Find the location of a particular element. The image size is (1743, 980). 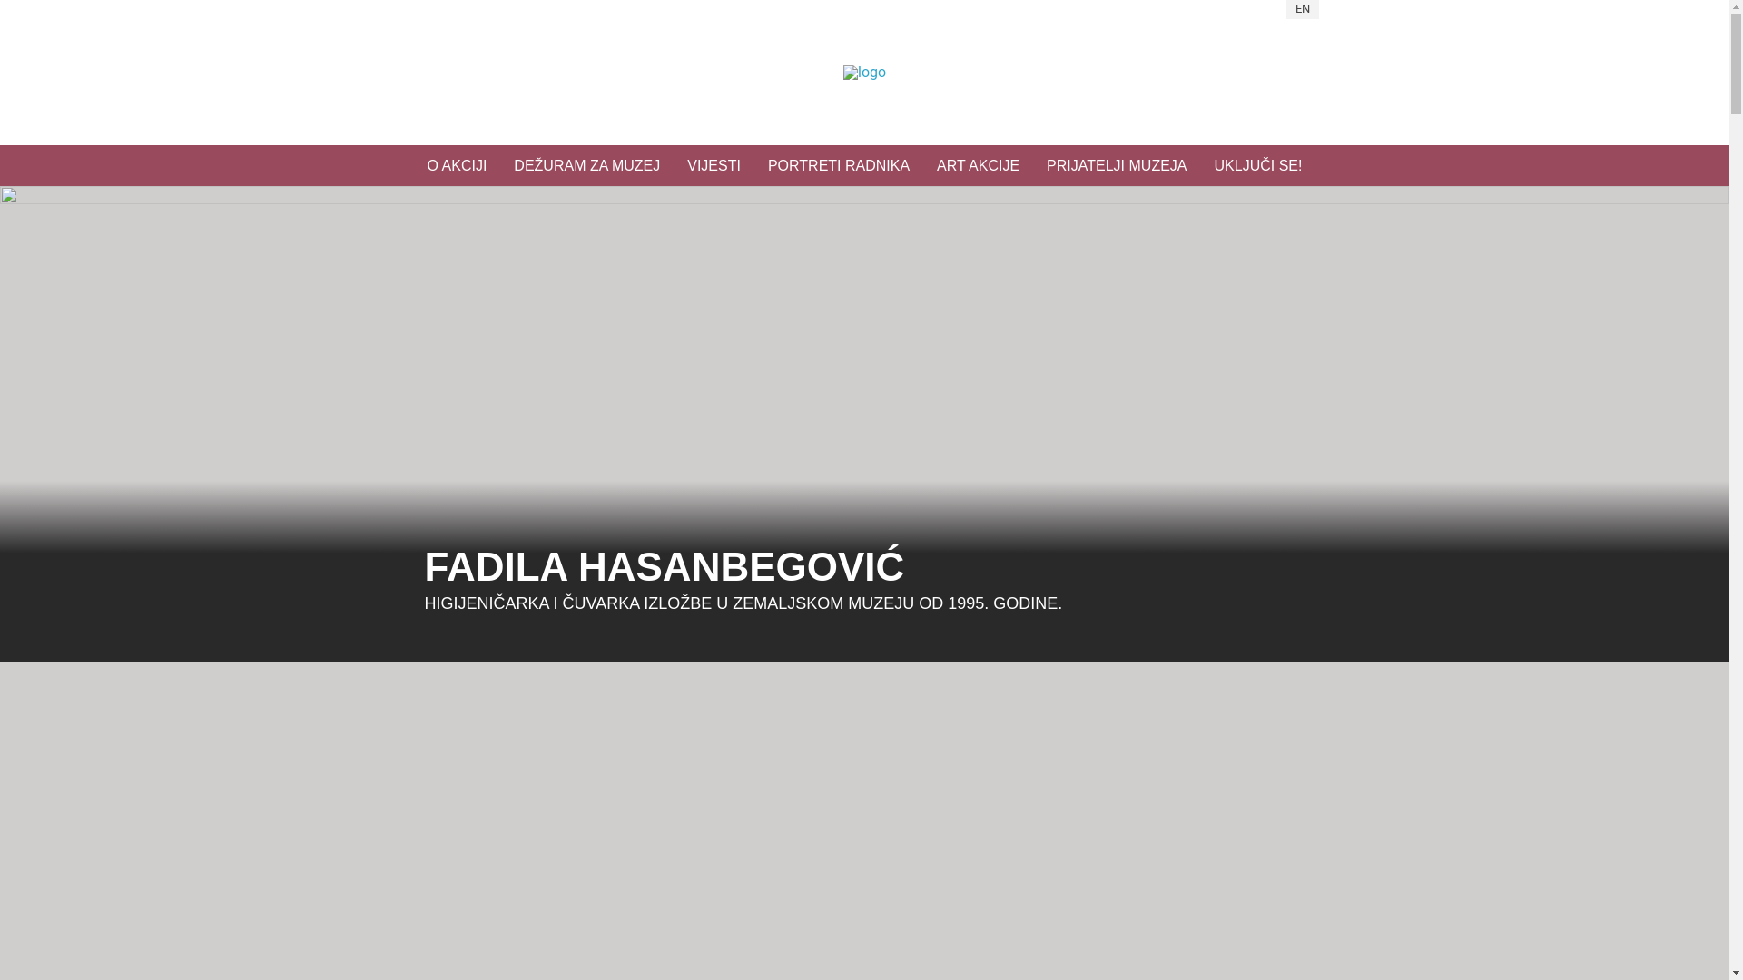

'ART AKCIJE' is located at coordinates (977, 165).